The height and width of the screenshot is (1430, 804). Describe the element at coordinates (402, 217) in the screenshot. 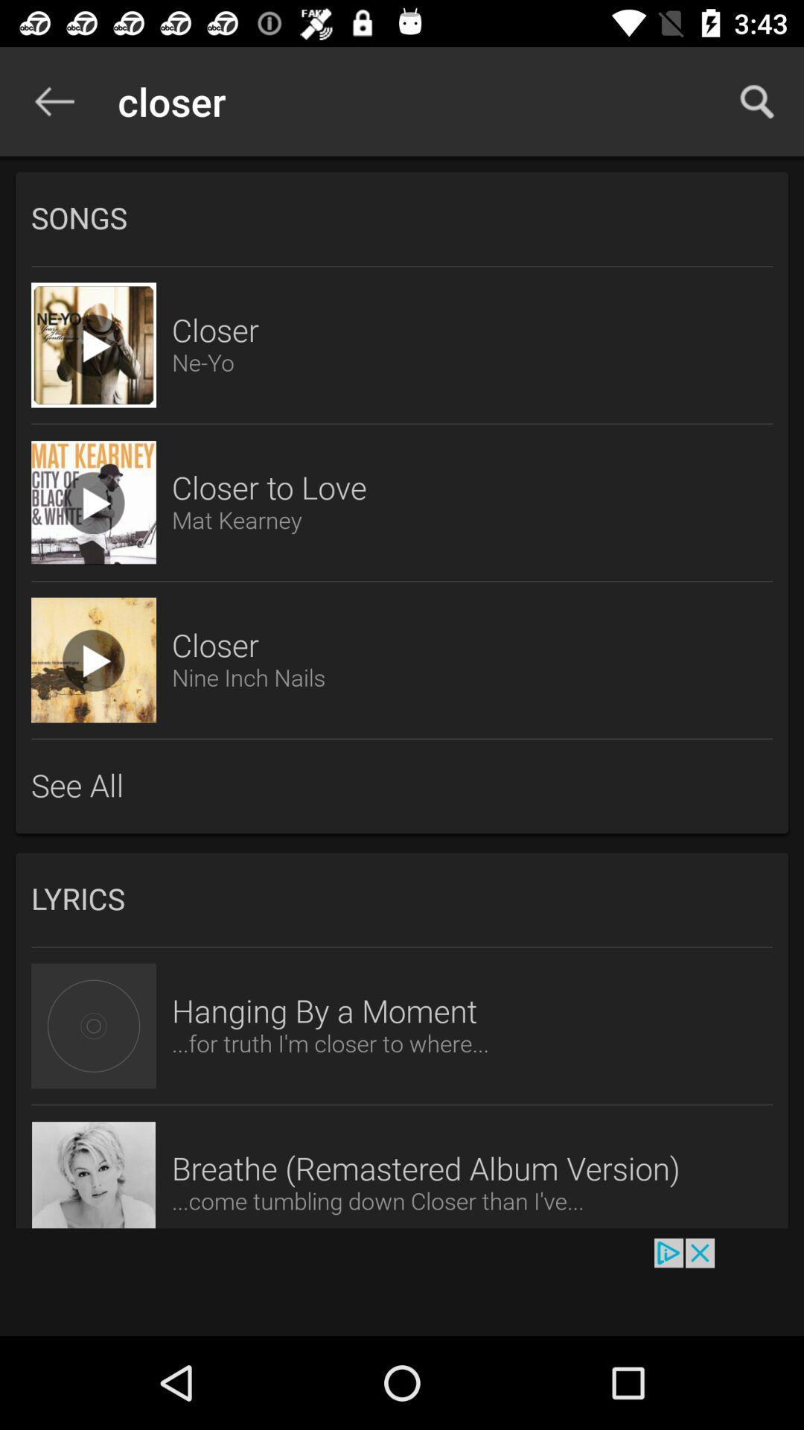

I see `the songs` at that location.